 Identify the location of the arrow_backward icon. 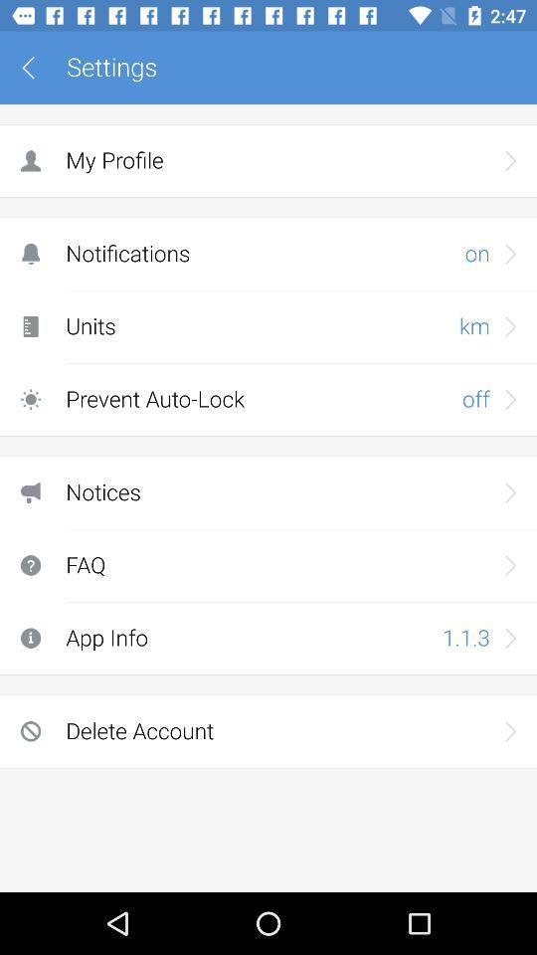
(35, 68).